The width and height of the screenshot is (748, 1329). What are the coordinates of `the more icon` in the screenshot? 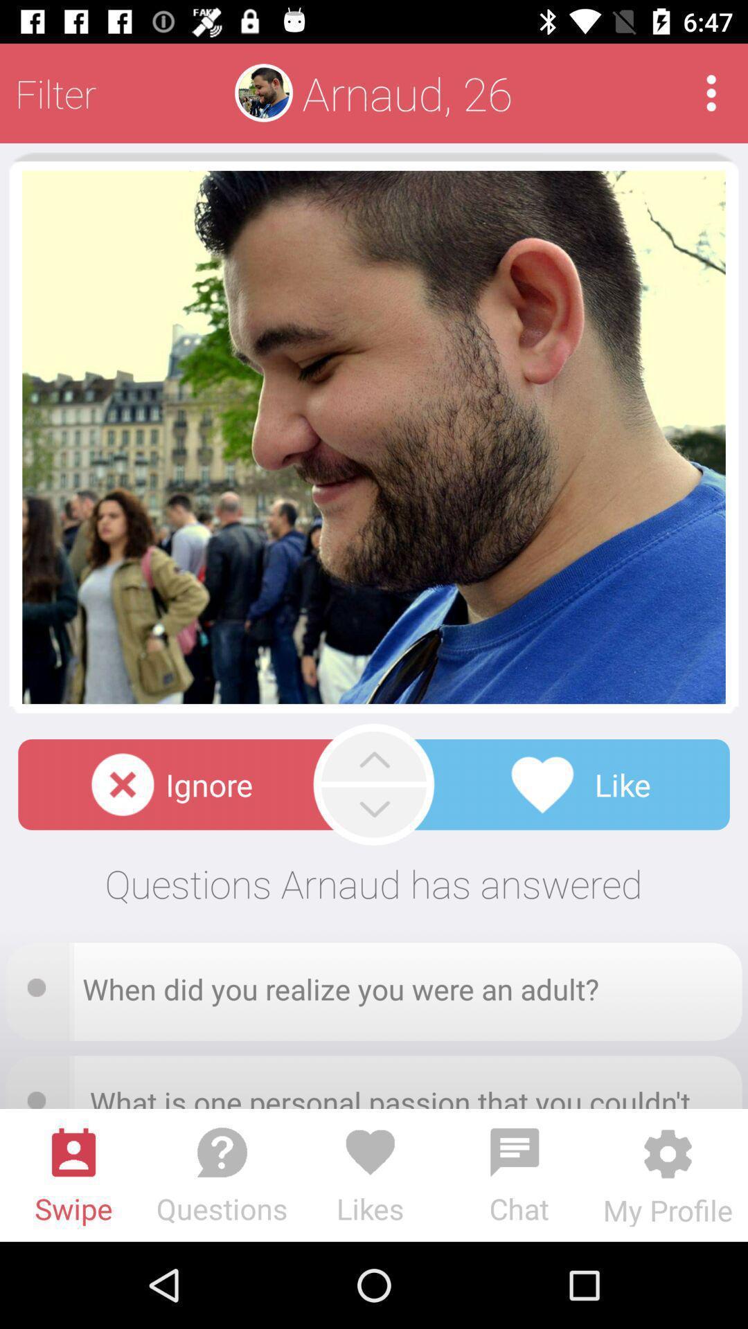 It's located at (711, 92).